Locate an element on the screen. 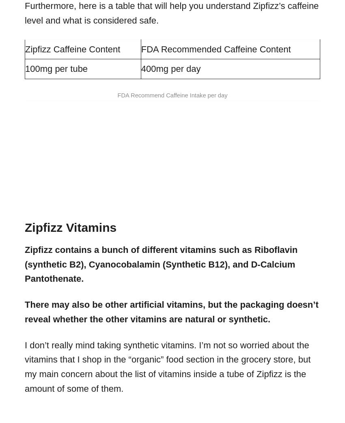 The width and height of the screenshot is (345, 423). 'FDA Recommend Caffeine Intake per day' is located at coordinates (172, 95).